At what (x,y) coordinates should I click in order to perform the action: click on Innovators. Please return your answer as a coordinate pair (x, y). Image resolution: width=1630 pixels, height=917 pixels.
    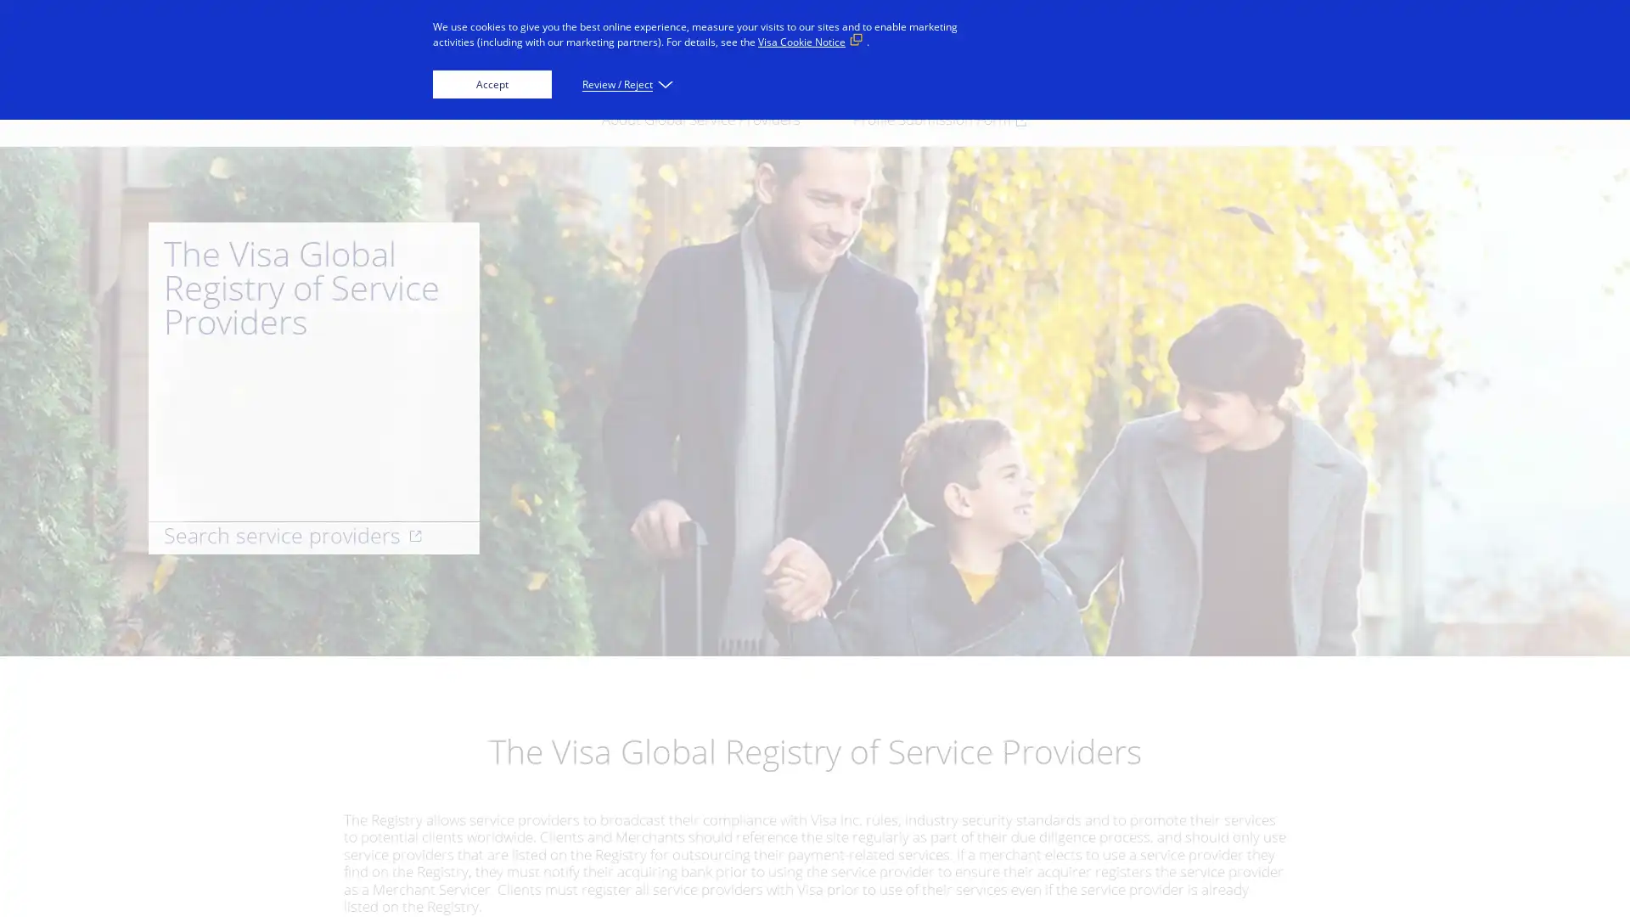
    Looking at the image, I should click on (923, 45).